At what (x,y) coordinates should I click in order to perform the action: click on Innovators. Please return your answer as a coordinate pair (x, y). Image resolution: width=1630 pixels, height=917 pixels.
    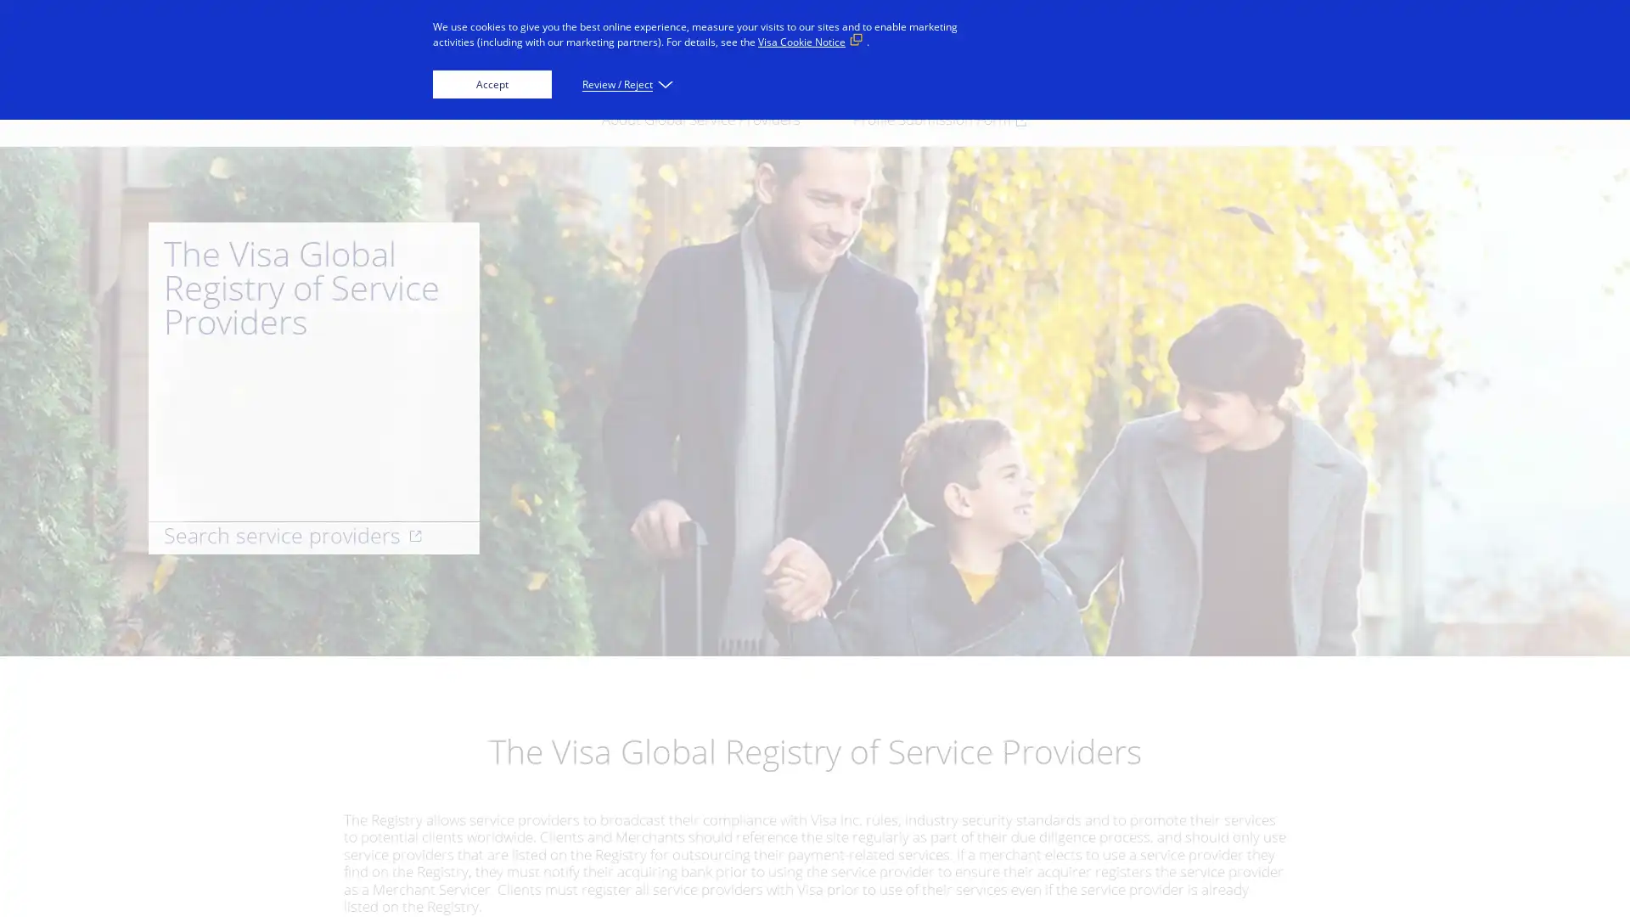
    Looking at the image, I should click on (923, 45).